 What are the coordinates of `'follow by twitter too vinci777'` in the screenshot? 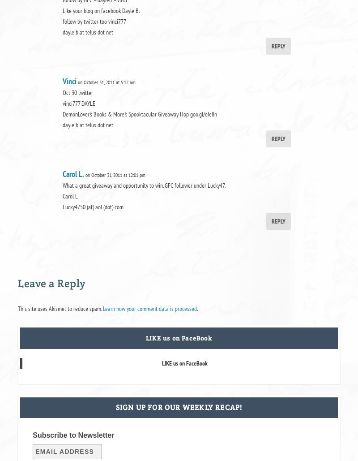 It's located at (94, 21).